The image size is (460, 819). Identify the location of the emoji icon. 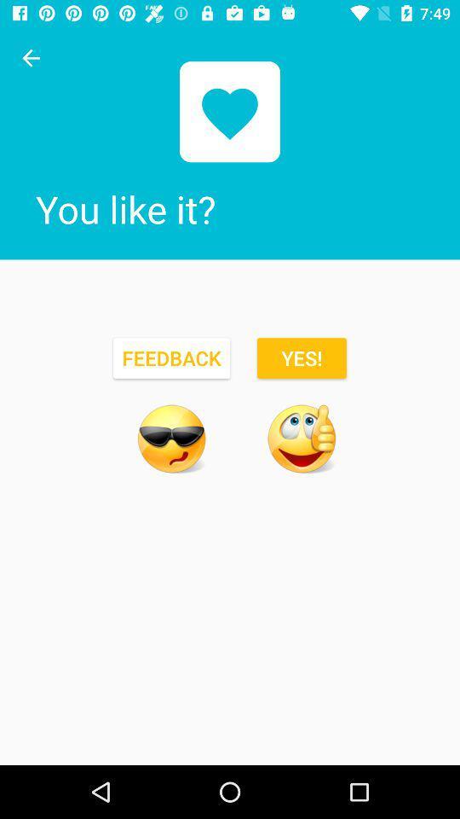
(171, 438).